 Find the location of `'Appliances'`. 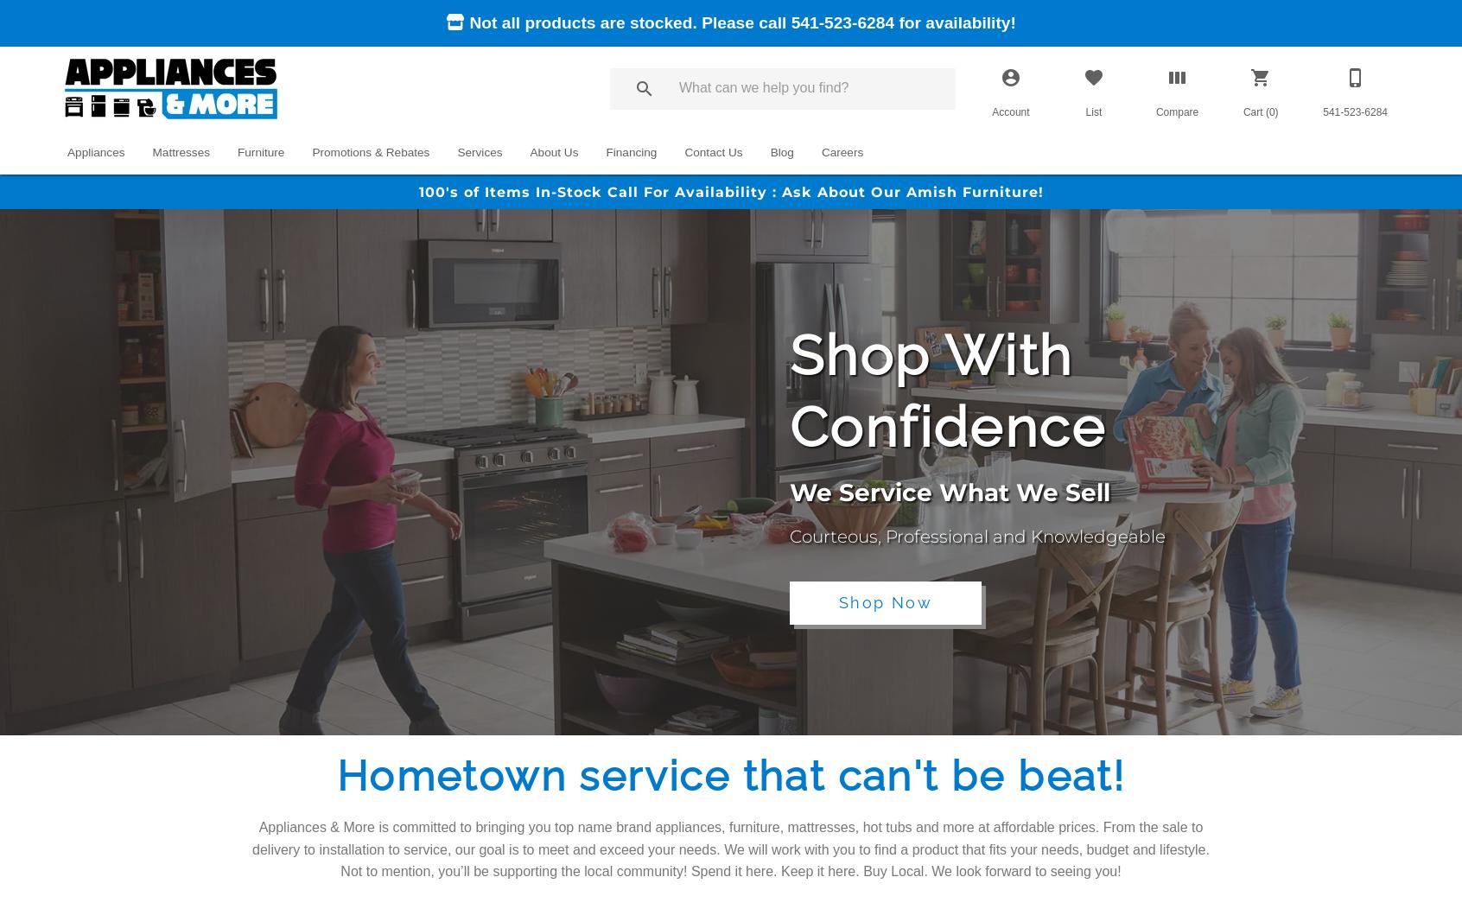

'Appliances' is located at coordinates (67, 150).